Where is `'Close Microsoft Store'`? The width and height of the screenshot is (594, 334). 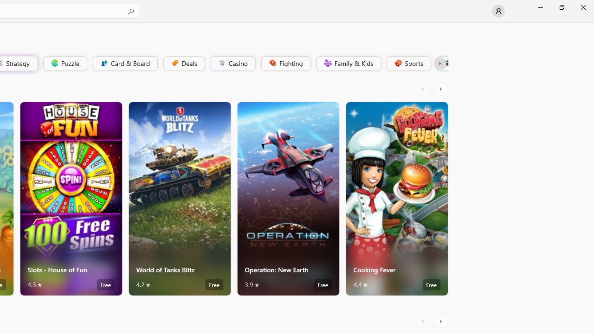 'Close Microsoft Store' is located at coordinates (582, 7).